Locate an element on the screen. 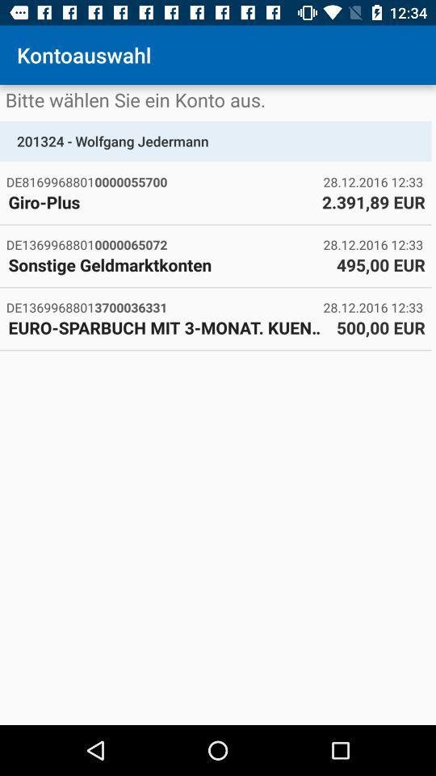 This screenshot has width=436, height=776. the icon to the left of the 2 391 89 item is located at coordinates (161, 201).